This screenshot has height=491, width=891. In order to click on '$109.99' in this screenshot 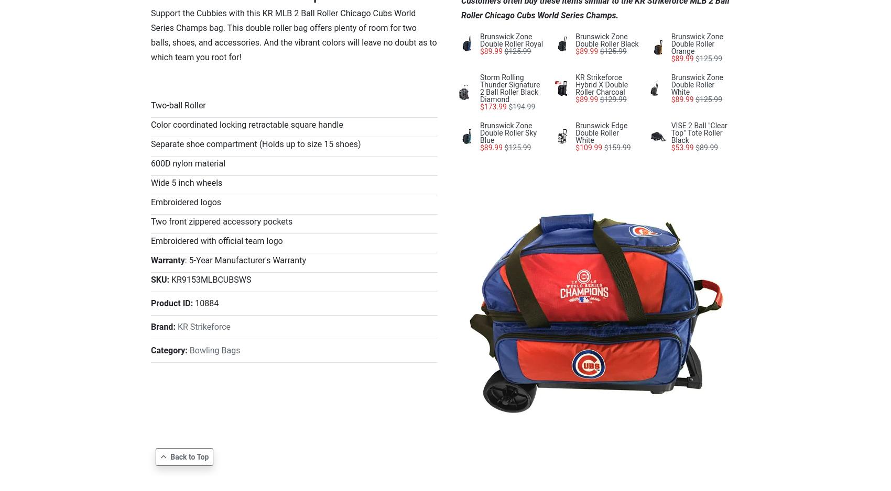, I will do `click(589, 147)`.